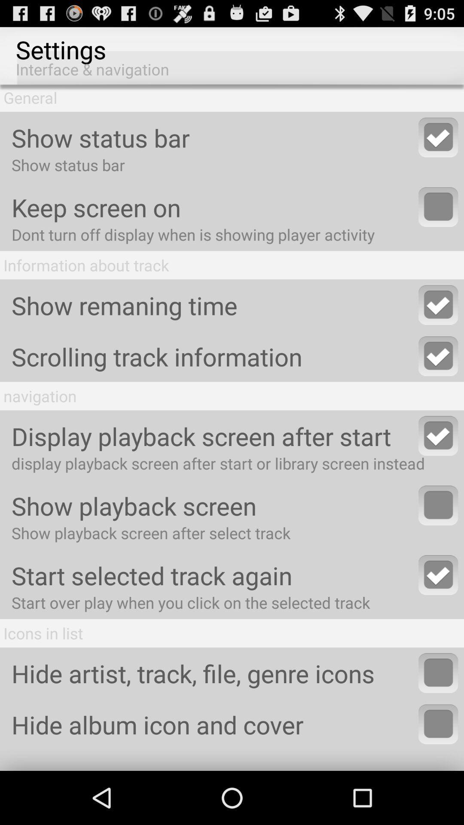  I want to click on hide alibum, so click(438, 724).